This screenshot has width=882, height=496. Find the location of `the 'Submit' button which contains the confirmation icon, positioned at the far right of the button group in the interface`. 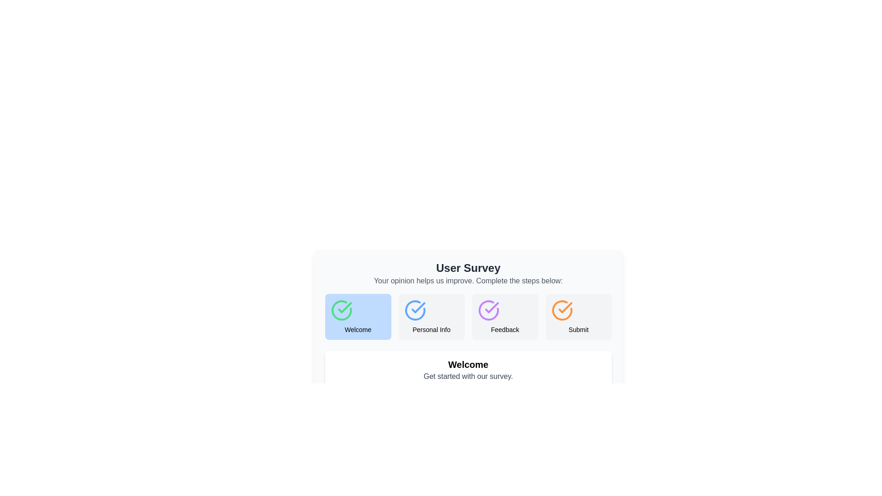

the 'Submit' button which contains the confirmation icon, positioned at the far right of the button group in the interface is located at coordinates (561, 310).